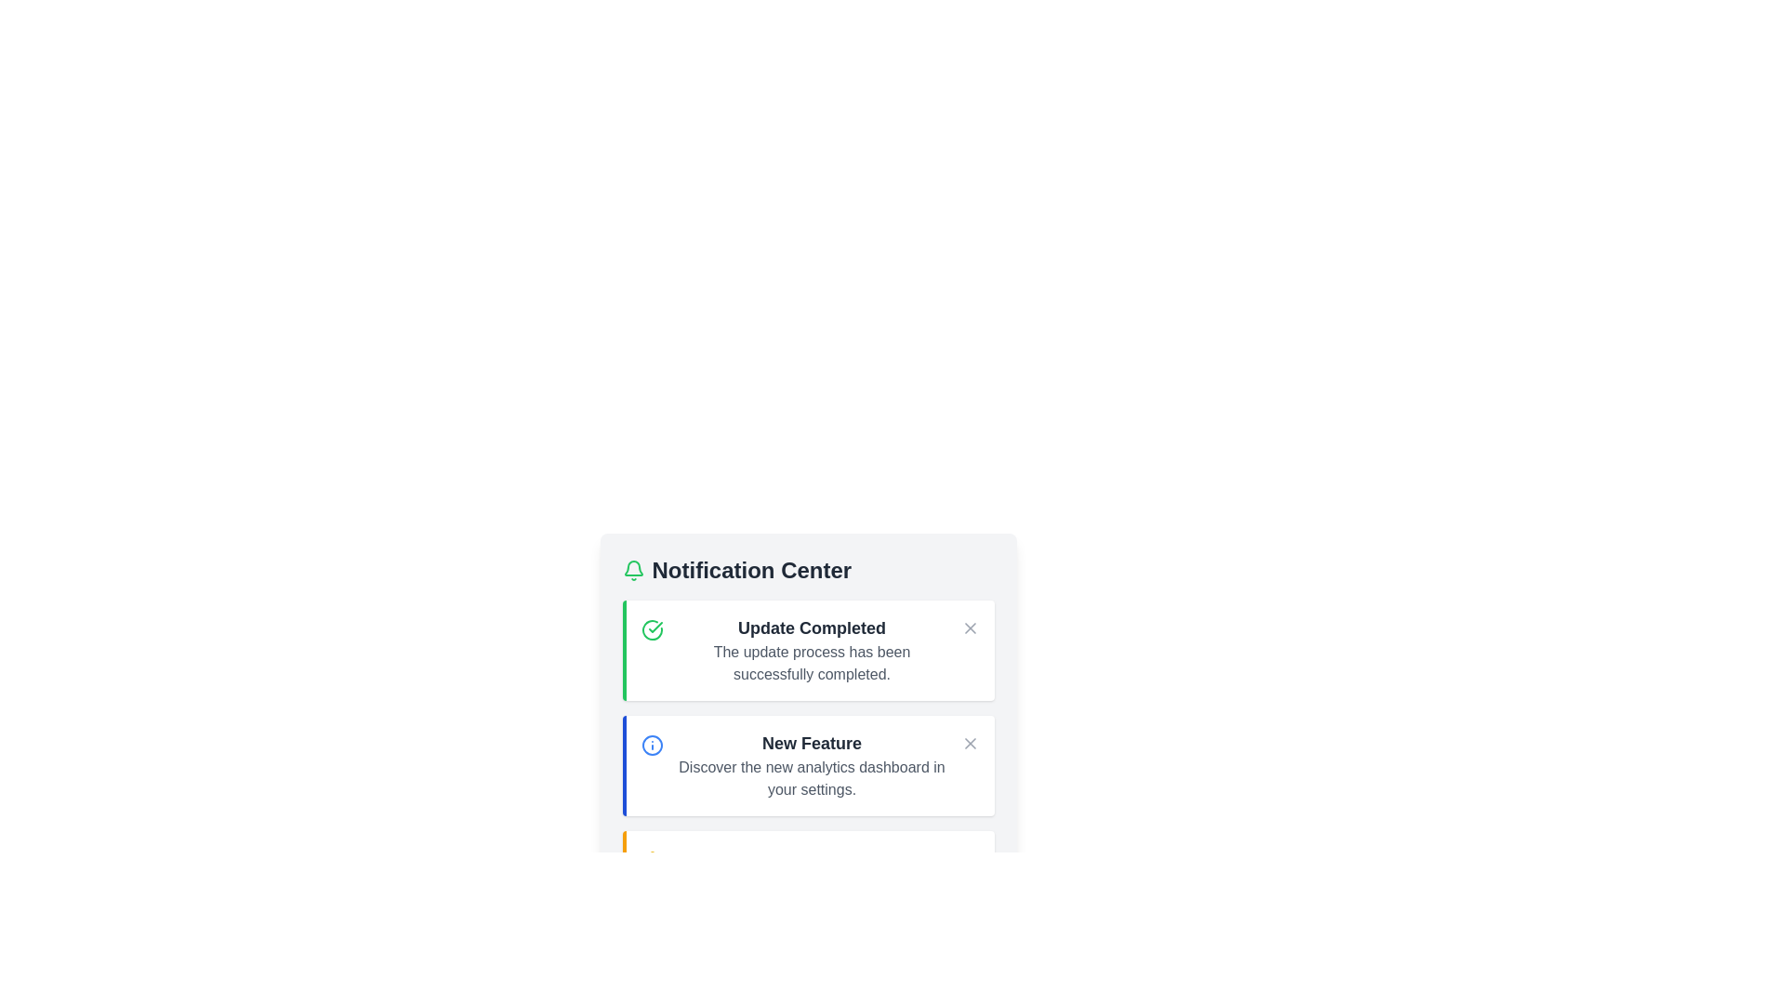 The width and height of the screenshot is (1785, 1004). What do you see at coordinates (808, 569) in the screenshot?
I see `the header element featuring a green bell icon and the bold text 'Notification Center', located at the top of the notification panel` at bounding box center [808, 569].